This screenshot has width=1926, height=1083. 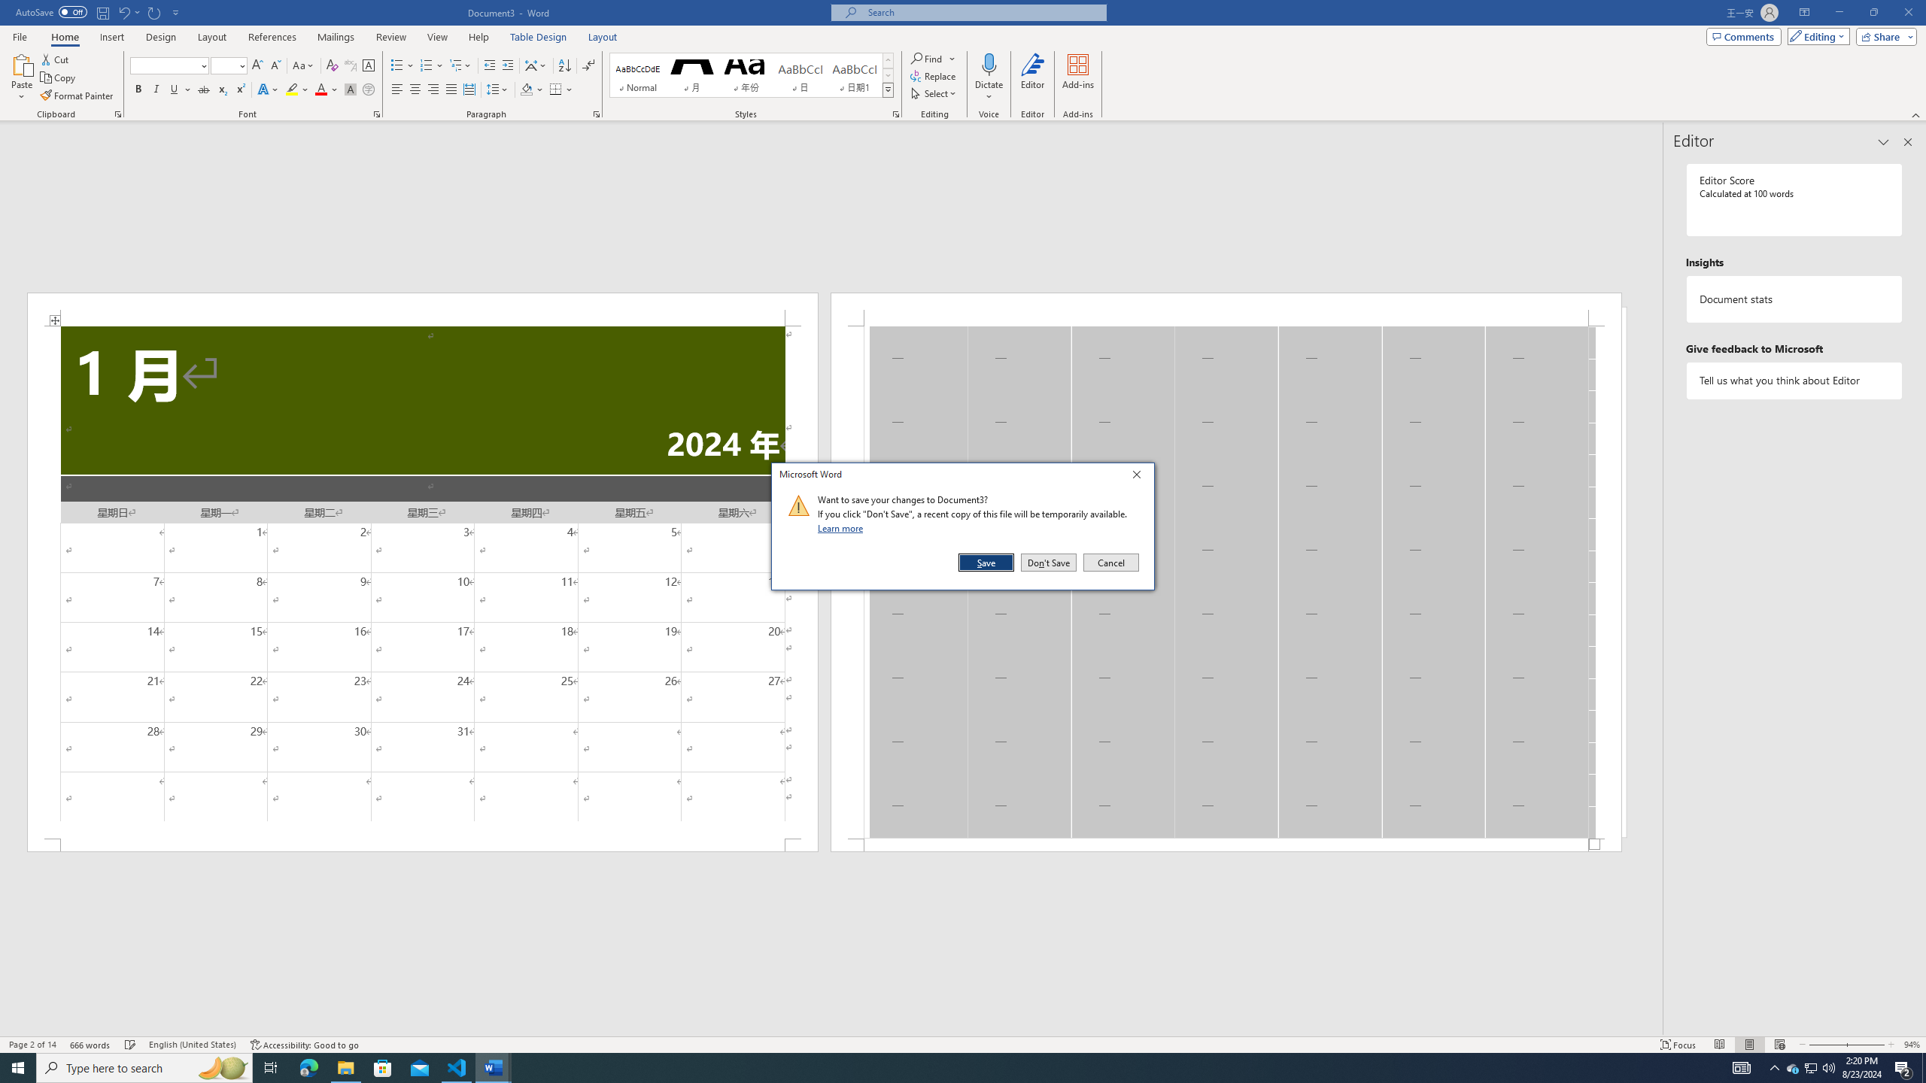 What do you see at coordinates (221, 89) in the screenshot?
I see `'Subscript'` at bounding box center [221, 89].